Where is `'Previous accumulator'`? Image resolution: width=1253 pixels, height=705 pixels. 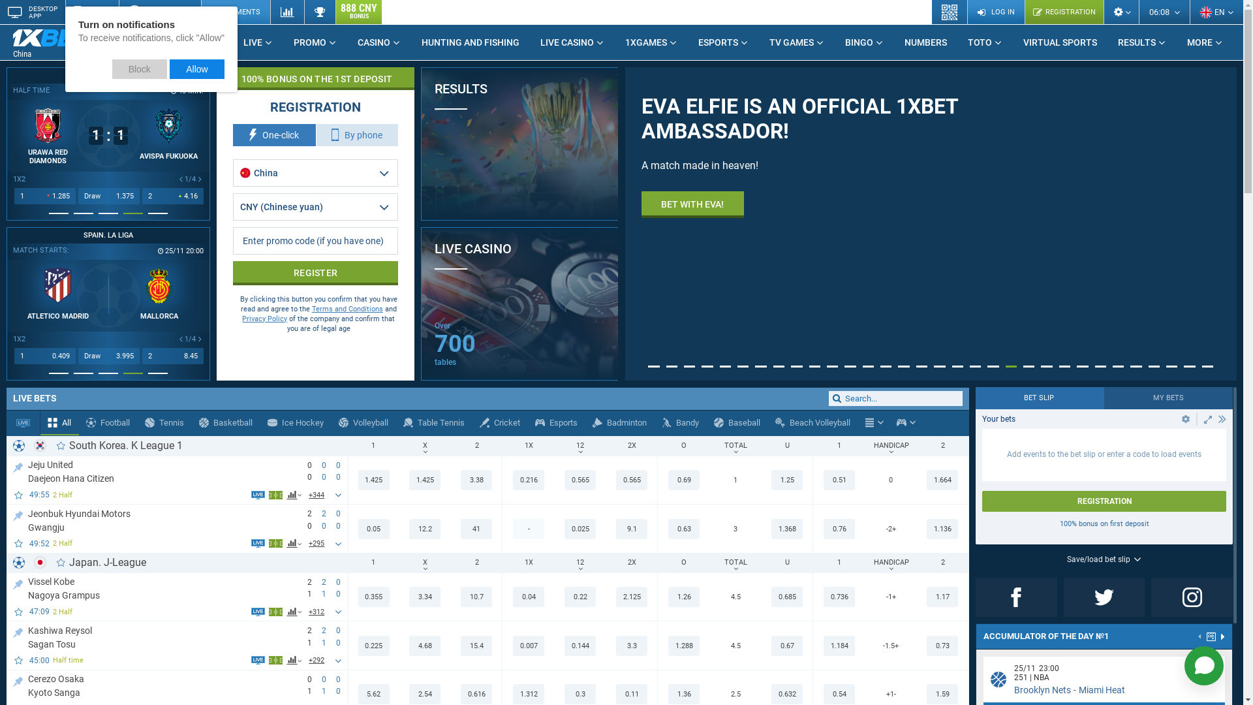
'Previous accumulator' is located at coordinates (1199, 636).